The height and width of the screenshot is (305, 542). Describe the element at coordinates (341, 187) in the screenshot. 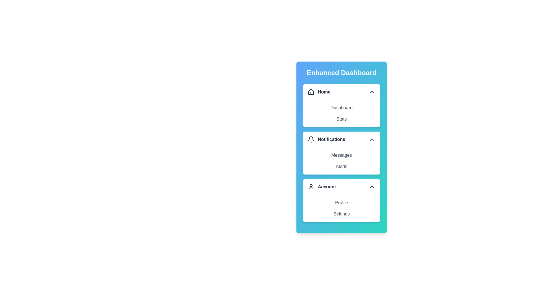

I see `the header of the menu section labeled Account to toggle its expanded/collapsed state` at that location.